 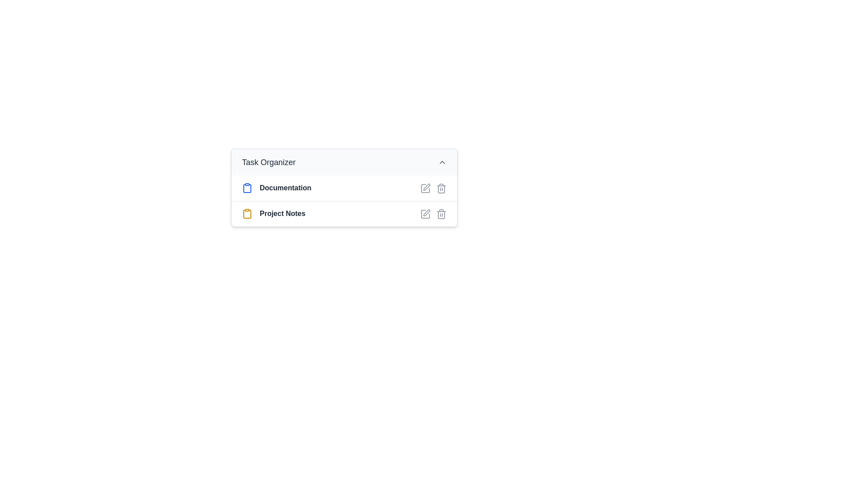 What do you see at coordinates (442, 162) in the screenshot?
I see `the Chevron icon located in the top-right section of the 'Task Organizer' header bar` at bounding box center [442, 162].